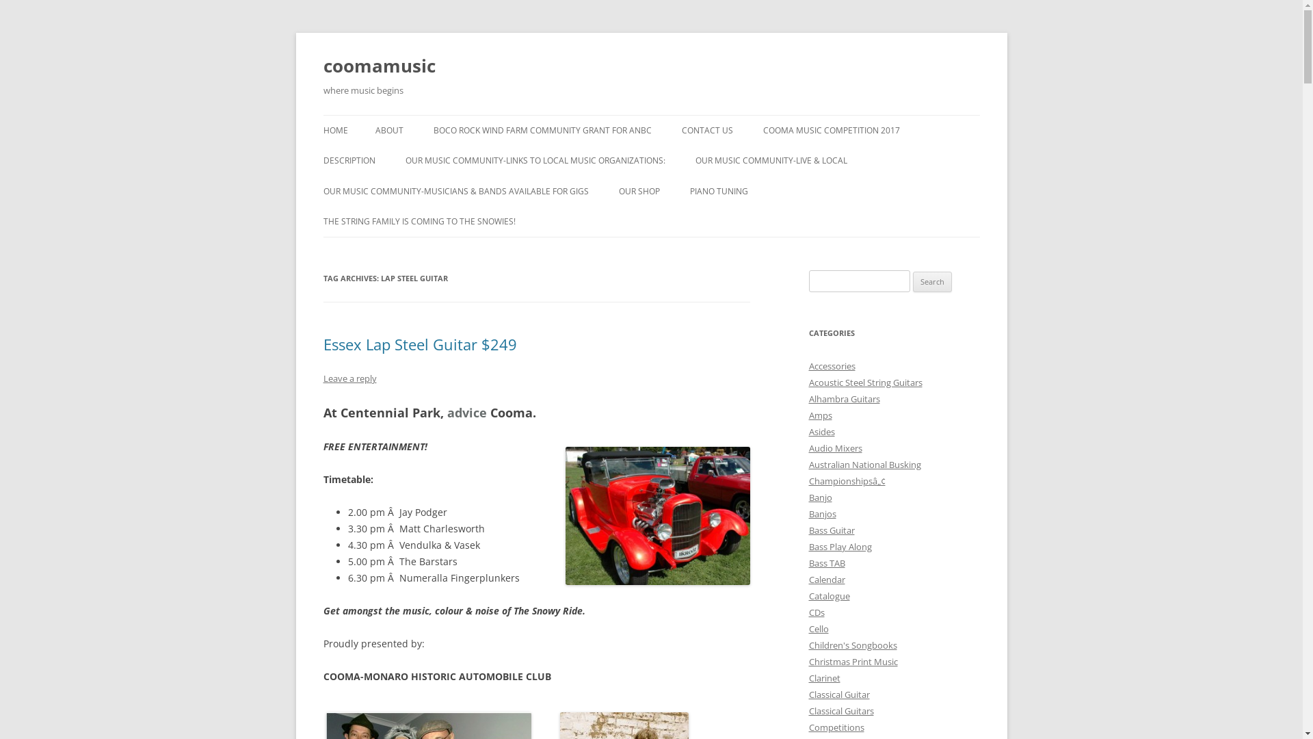 This screenshot has height=739, width=1313. I want to click on 'OUR MUSIC COMMUNITY-LINKS TO LOCAL MUSIC ORGANIZATIONS:', so click(534, 160).